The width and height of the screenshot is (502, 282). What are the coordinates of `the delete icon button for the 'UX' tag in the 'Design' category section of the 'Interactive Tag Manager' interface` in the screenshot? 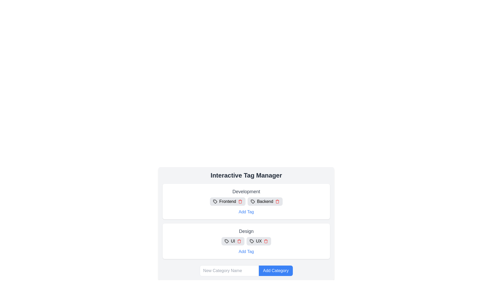 It's located at (266, 241).